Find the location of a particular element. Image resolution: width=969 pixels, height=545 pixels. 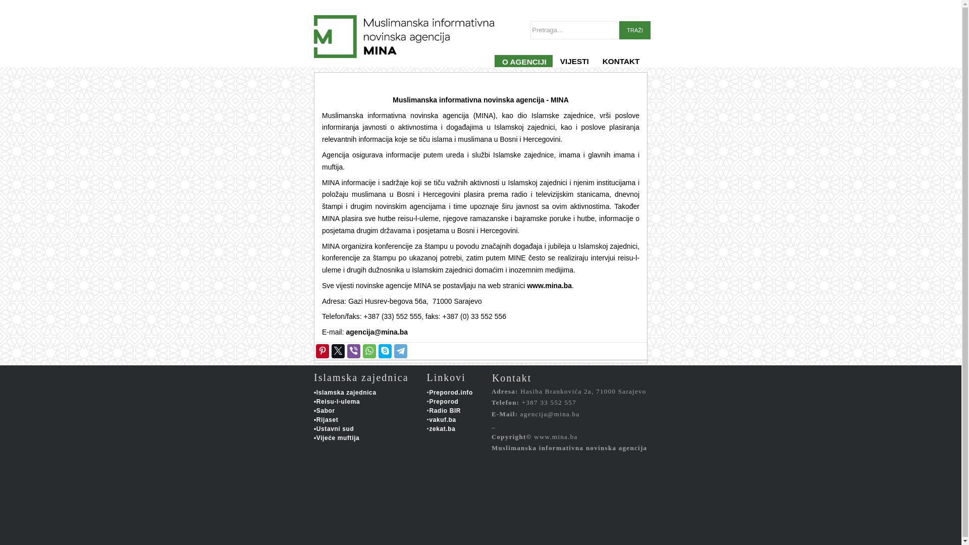

'Preporod' is located at coordinates (443, 401).